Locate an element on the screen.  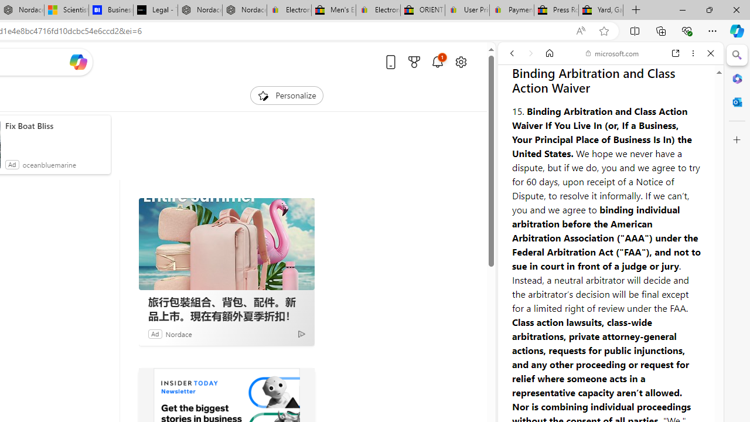
'Open Copilot' is located at coordinates (77, 62).